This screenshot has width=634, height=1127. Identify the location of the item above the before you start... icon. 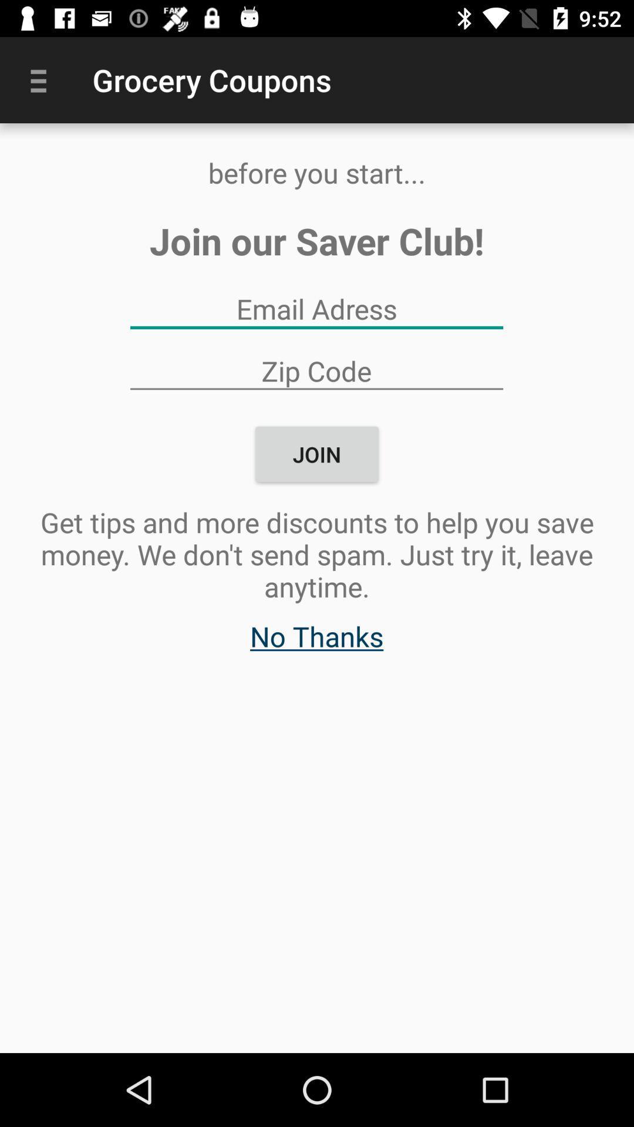
(42, 79).